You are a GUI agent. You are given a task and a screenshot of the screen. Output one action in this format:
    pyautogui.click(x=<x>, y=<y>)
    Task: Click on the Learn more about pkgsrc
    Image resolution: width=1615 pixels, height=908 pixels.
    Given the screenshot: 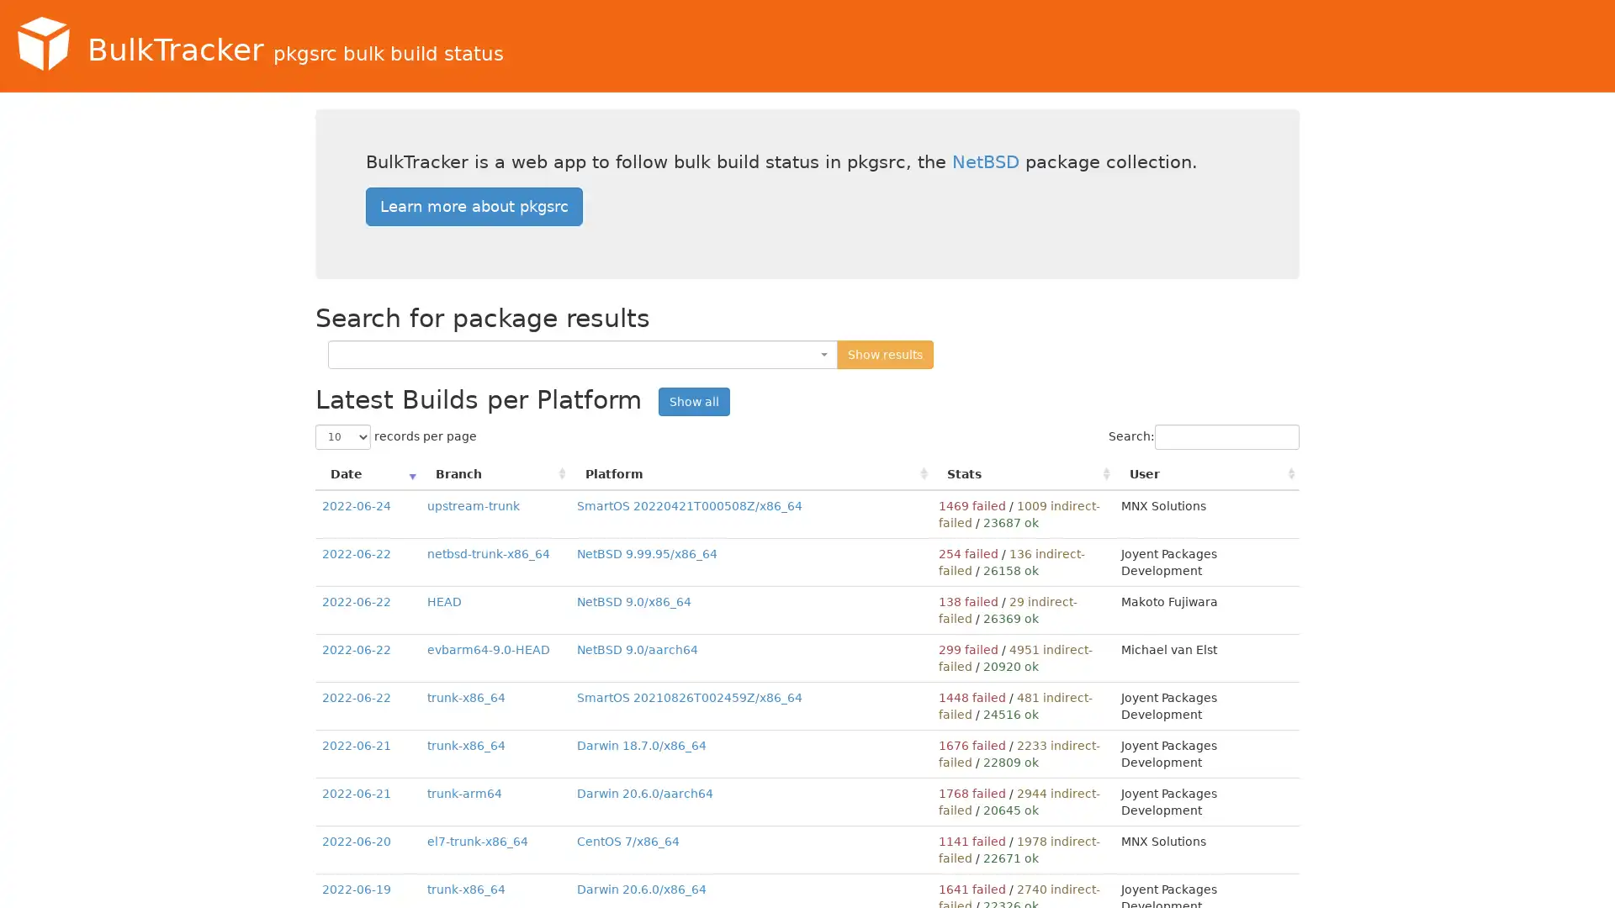 What is the action you would take?
    pyautogui.click(x=474, y=205)
    